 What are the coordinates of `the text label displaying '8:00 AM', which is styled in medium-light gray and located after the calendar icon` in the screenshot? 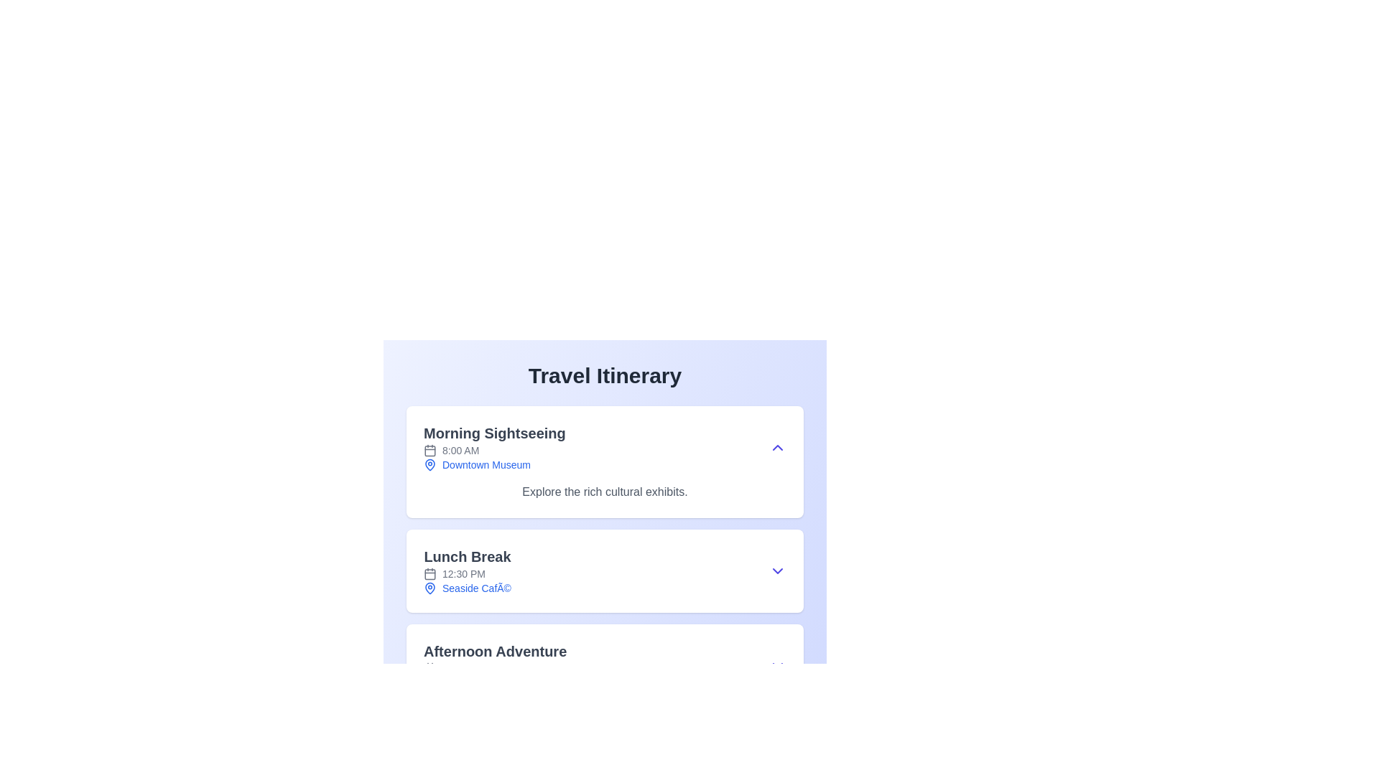 It's located at (460, 450).